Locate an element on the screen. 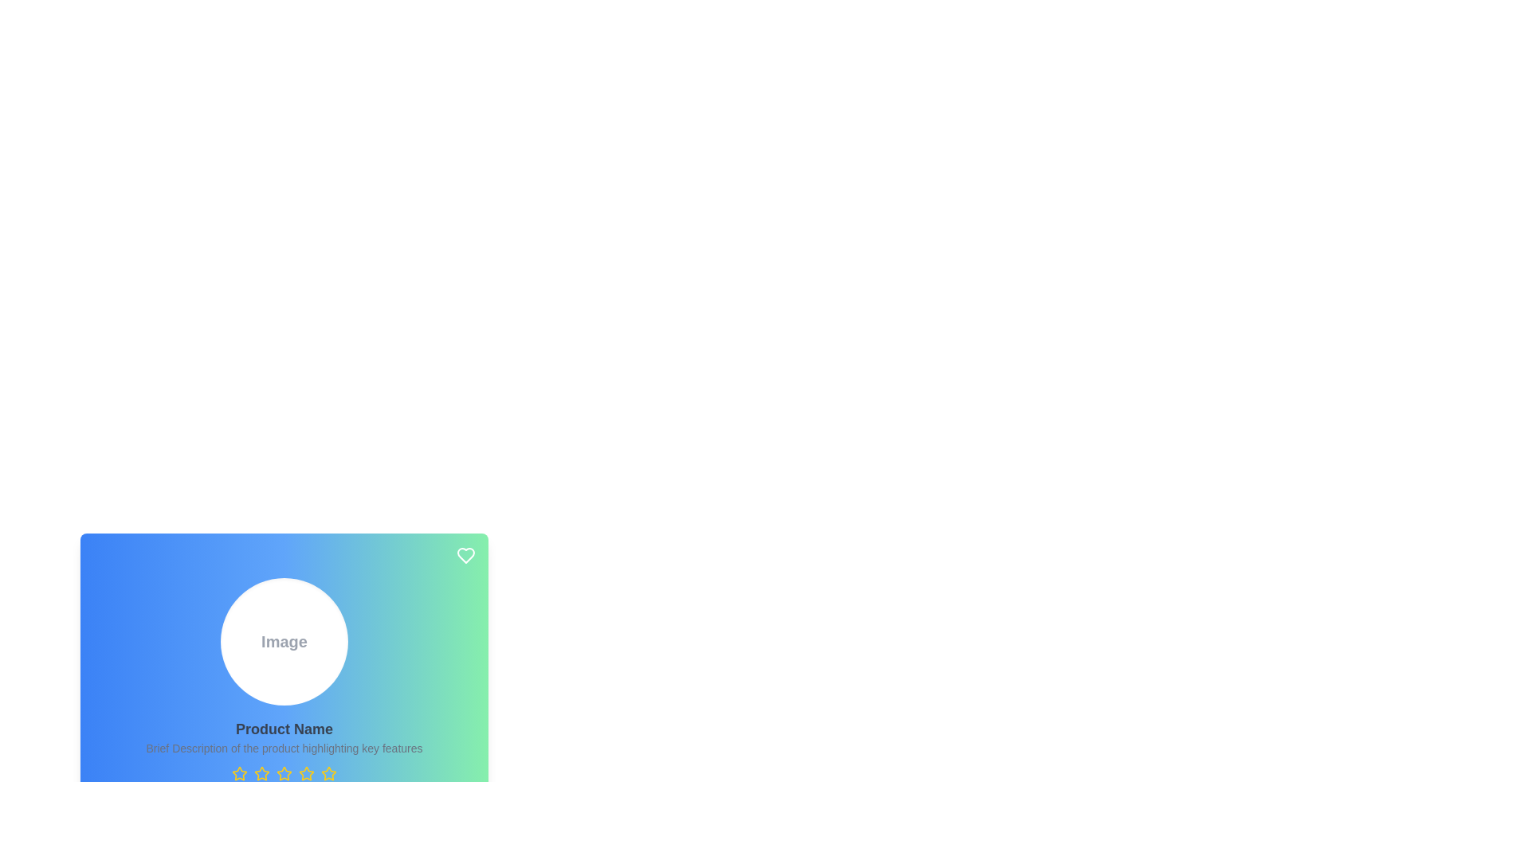 The width and height of the screenshot is (1530, 860). the third star in the row of five stars is located at coordinates (283, 772).